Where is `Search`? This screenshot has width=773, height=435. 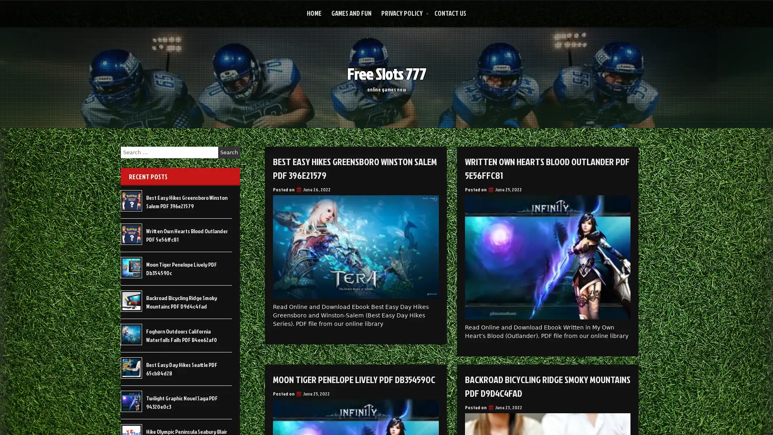
Search is located at coordinates (229, 152).